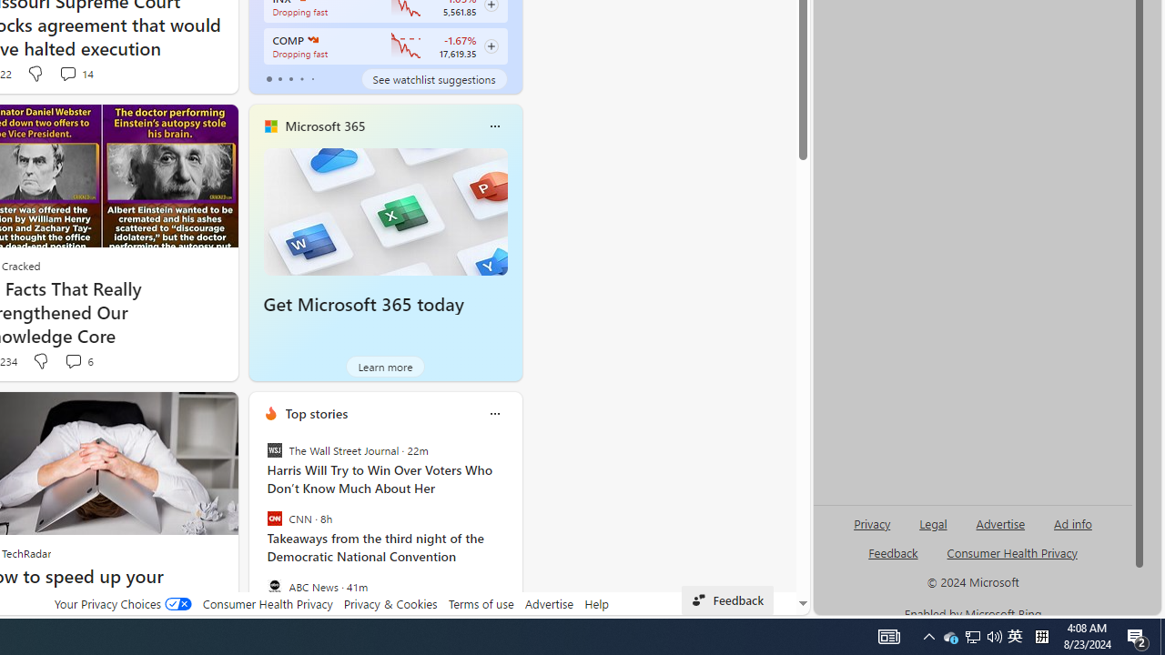  Describe the element at coordinates (301, 78) in the screenshot. I see `'tab-3'` at that location.